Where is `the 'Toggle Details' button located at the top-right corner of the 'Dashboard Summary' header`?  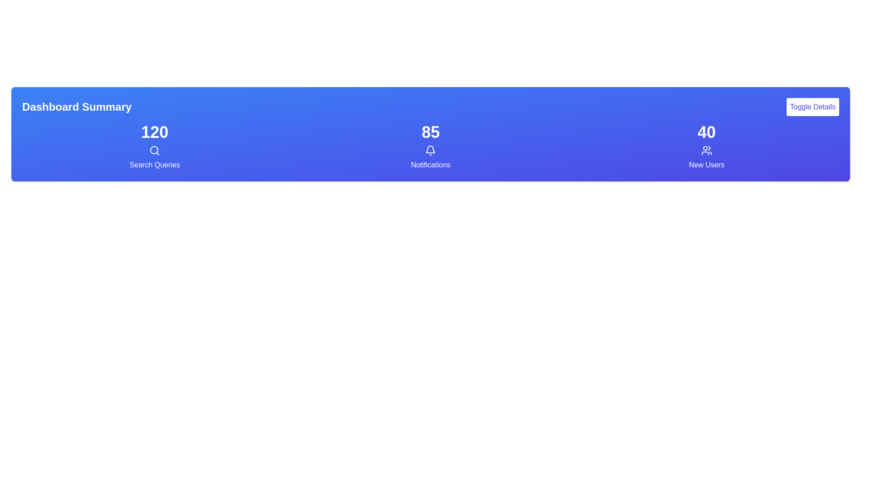 the 'Toggle Details' button located at the top-right corner of the 'Dashboard Summary' header is located at coordinates (812, 106).